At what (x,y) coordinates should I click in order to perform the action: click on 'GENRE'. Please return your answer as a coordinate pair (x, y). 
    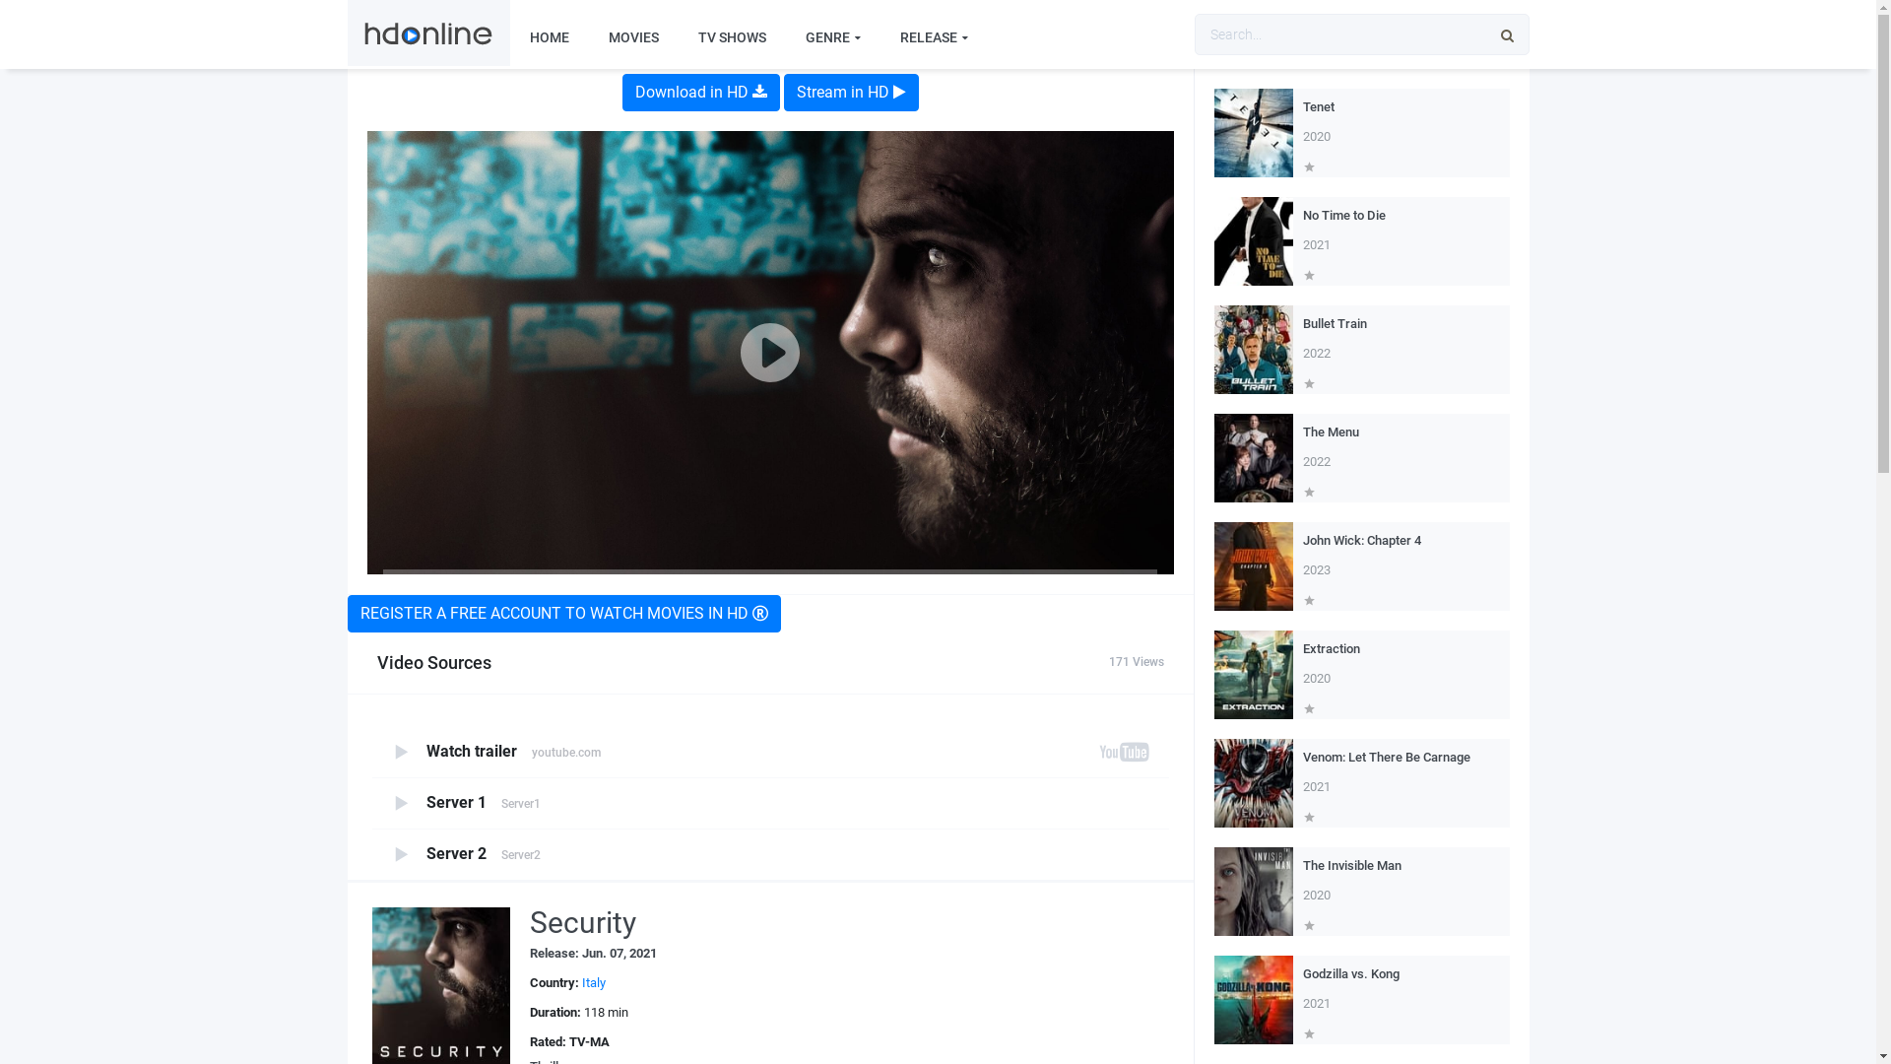
    Looking at the image, I should click on (784, 37).